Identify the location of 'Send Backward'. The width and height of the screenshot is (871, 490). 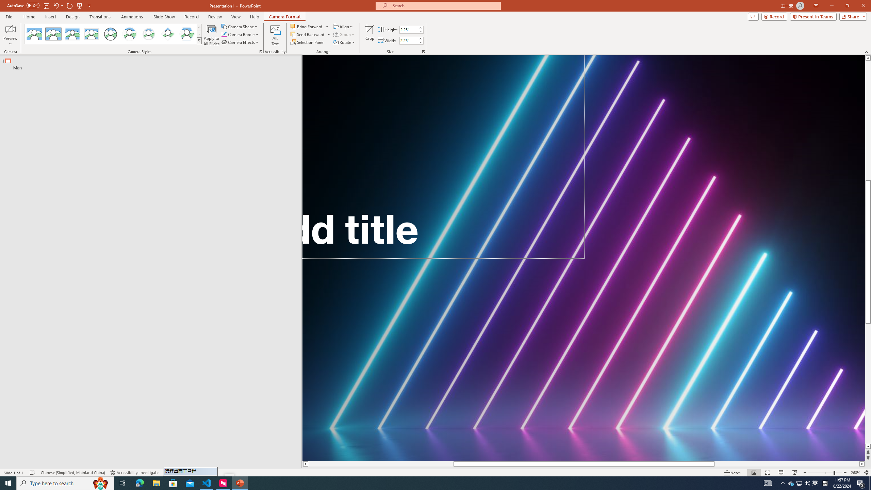
(308, 34).